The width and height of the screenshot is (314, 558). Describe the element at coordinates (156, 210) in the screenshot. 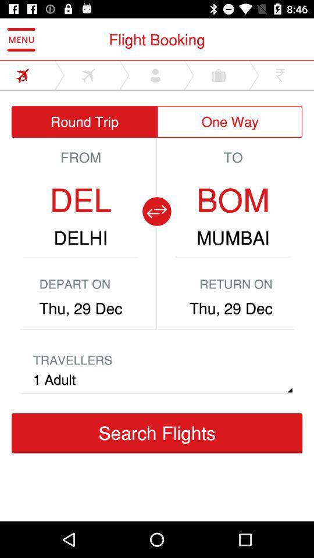

I see `show reverse trip` at that location.